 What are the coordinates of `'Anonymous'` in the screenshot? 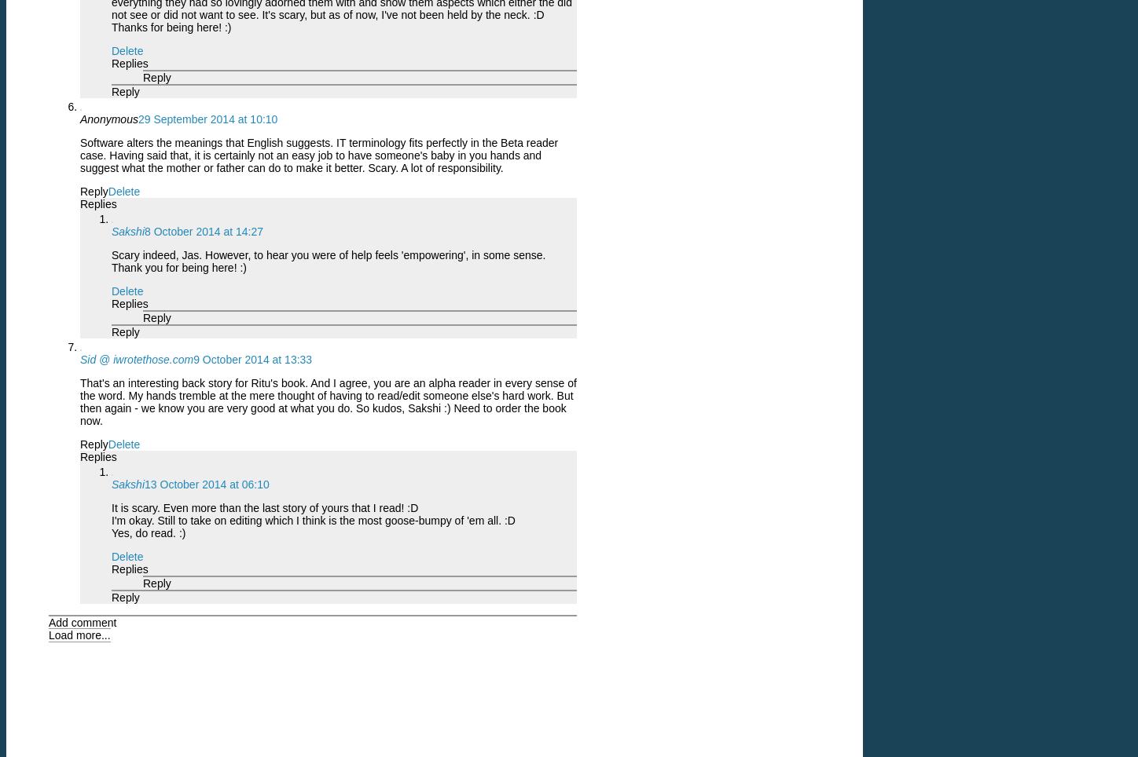 It's located at (108, 119).